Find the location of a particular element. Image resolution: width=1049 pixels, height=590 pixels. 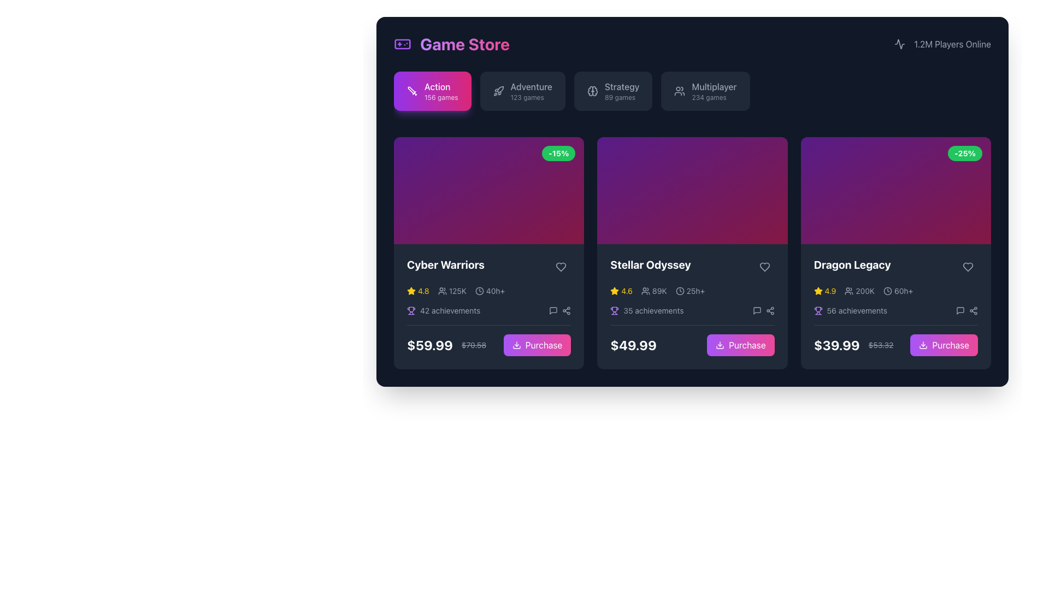

the heart-shaped icon button located in the top-right corner of the 'Cyber Warriors' card is located at coordinates (561, 267).